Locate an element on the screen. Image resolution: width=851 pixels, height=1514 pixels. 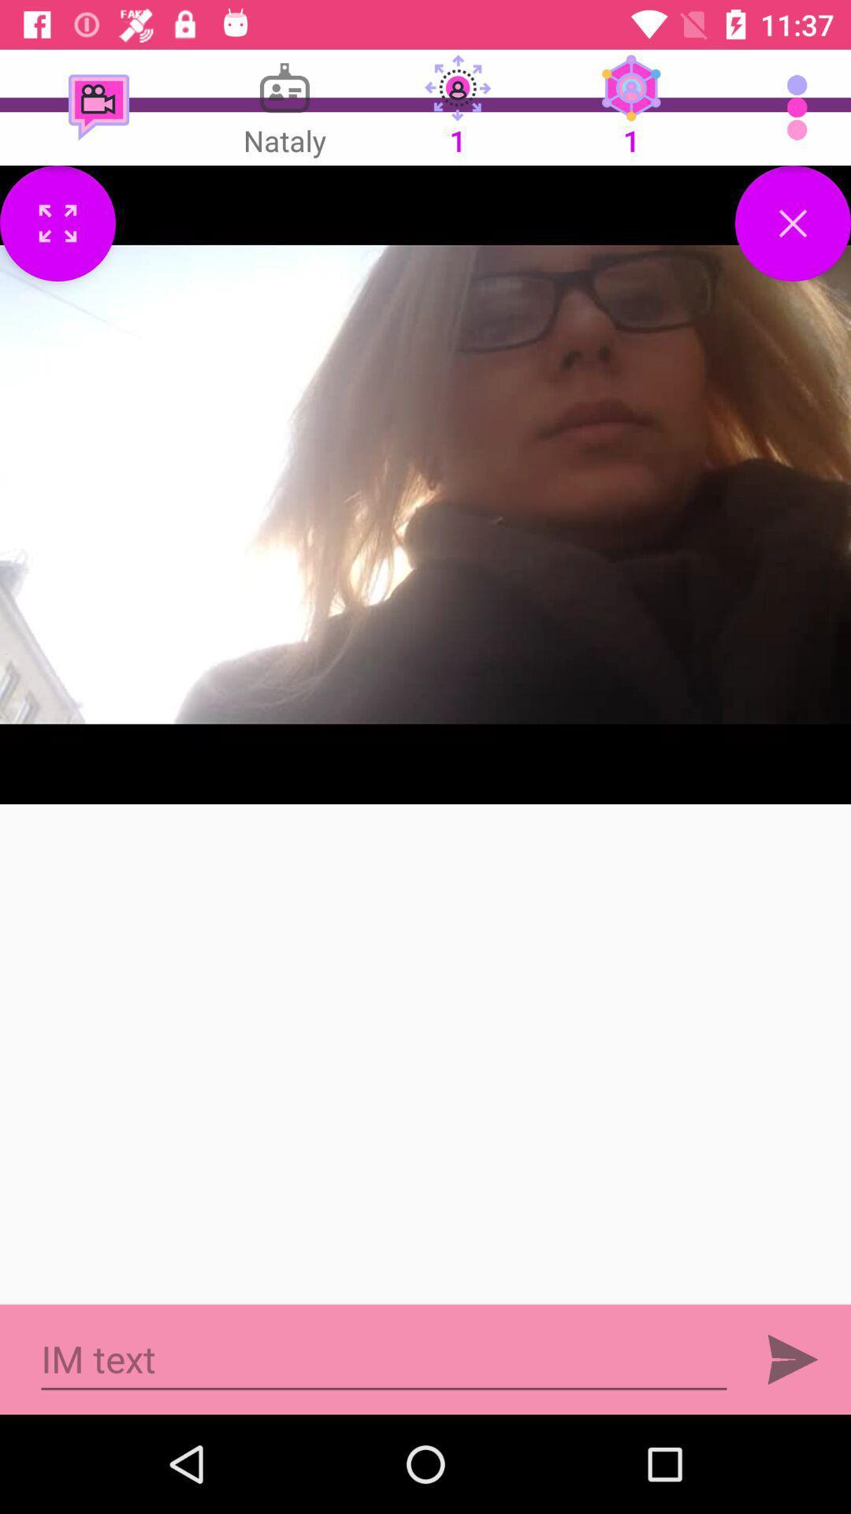
send message is located at coordinates (793, 1359).